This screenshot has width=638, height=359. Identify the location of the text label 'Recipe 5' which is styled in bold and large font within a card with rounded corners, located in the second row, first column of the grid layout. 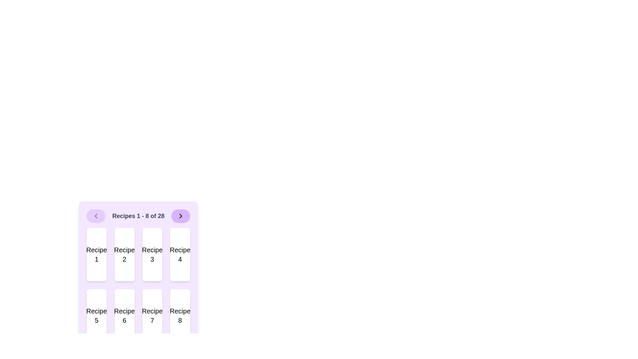
(96, 315).